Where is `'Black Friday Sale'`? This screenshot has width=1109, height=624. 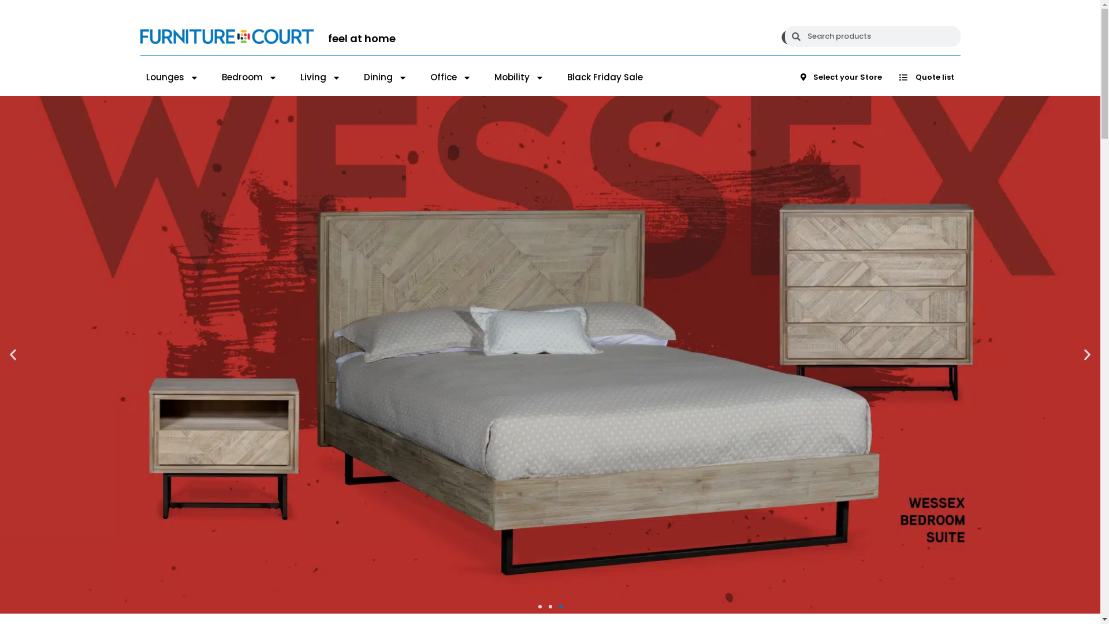 'Black Friday Sale' is located at coordinates (604, 77).